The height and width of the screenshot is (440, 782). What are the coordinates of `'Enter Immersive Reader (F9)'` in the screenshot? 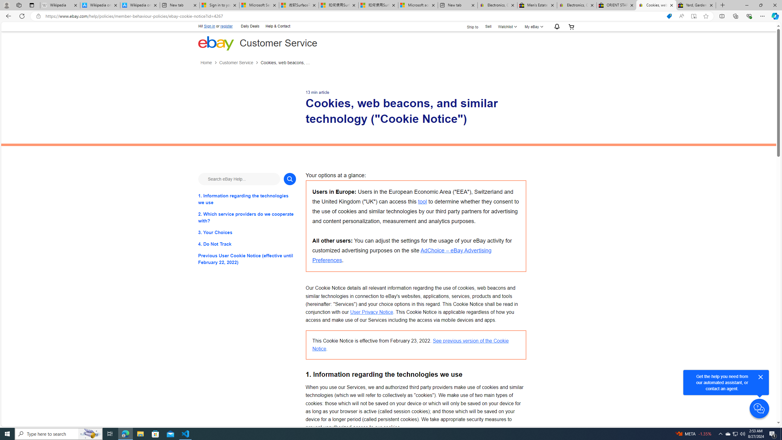 It's located at (693, 16).